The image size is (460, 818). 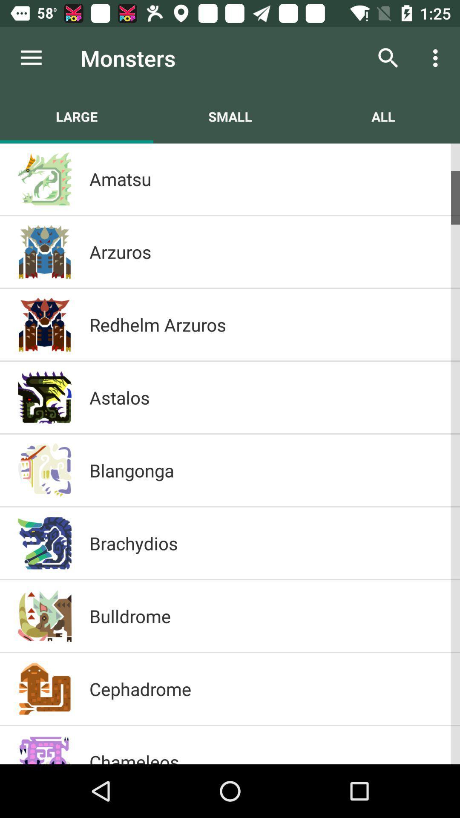 I want to click on icon below the blangonga icon, so click(x=265, y=543).